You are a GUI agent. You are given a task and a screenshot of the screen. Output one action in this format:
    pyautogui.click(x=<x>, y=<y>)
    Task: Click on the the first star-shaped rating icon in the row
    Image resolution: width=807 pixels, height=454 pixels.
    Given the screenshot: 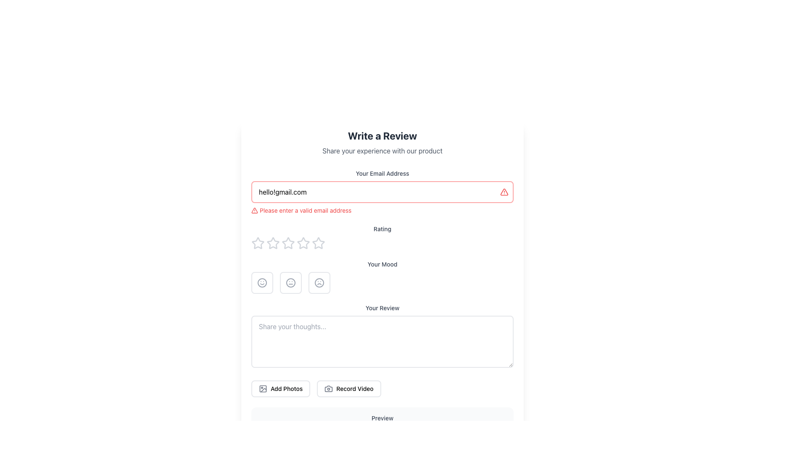 What is the action you would take?
    pyautogui.click(x=258, y=243)
    